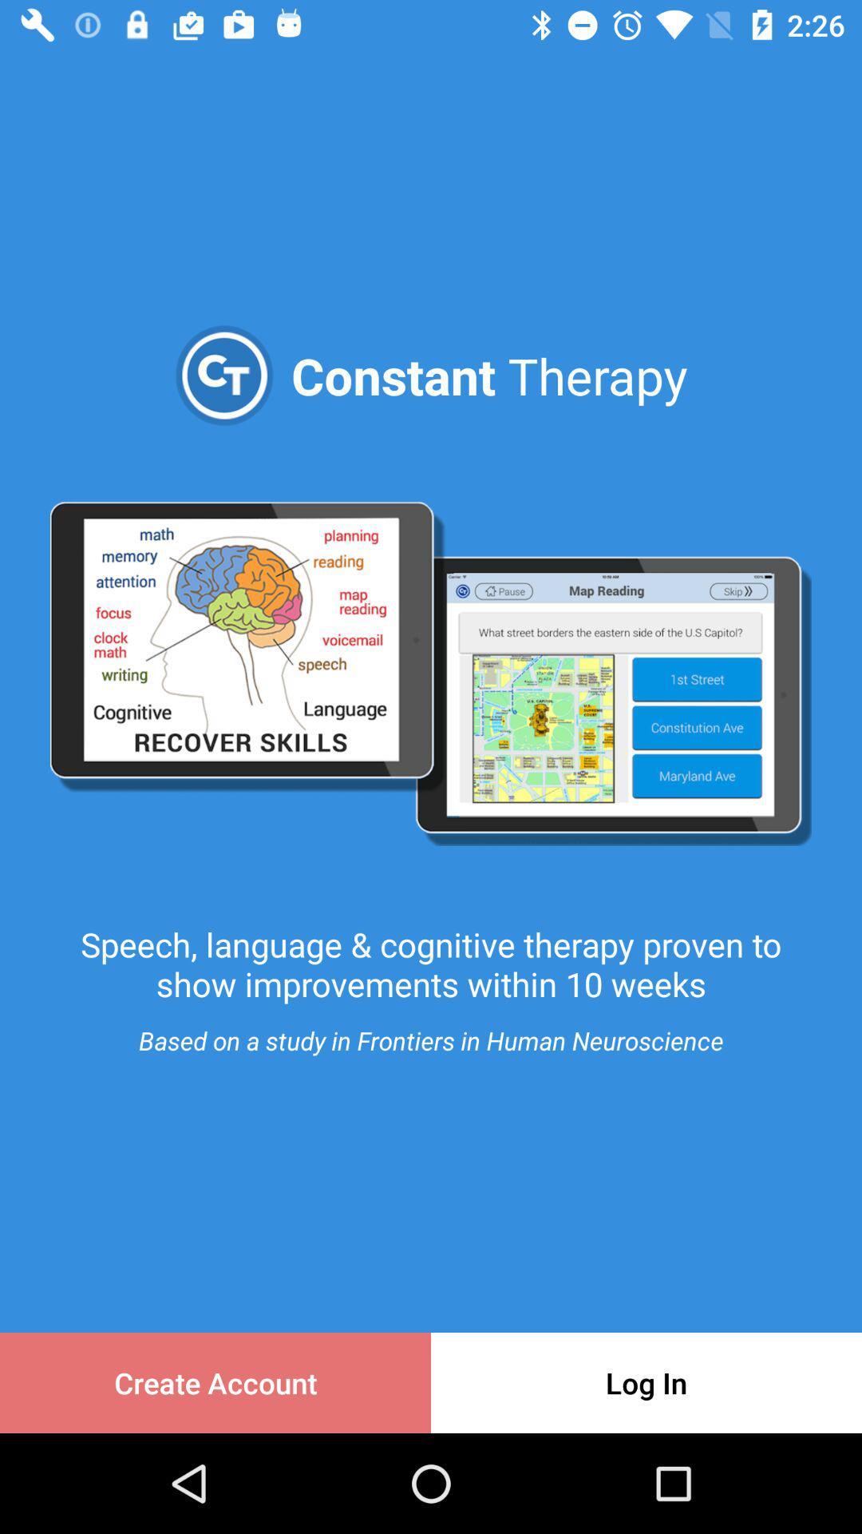 This screenshot has height=1534, width=862. Describe the element at coordinates (646, 1382) in the screenshot. I see `the icon next to create account item` at that location.